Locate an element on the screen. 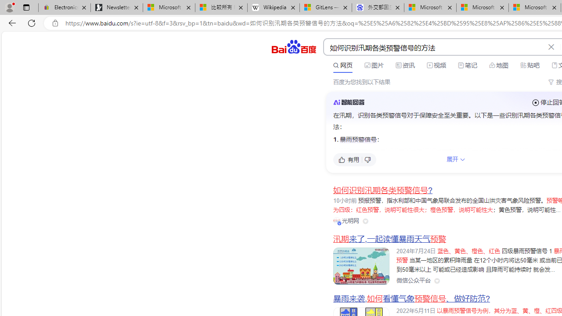 The width and height of the screenshot is (562, 316). 'Refresh' is located at coordinates (32, 22).